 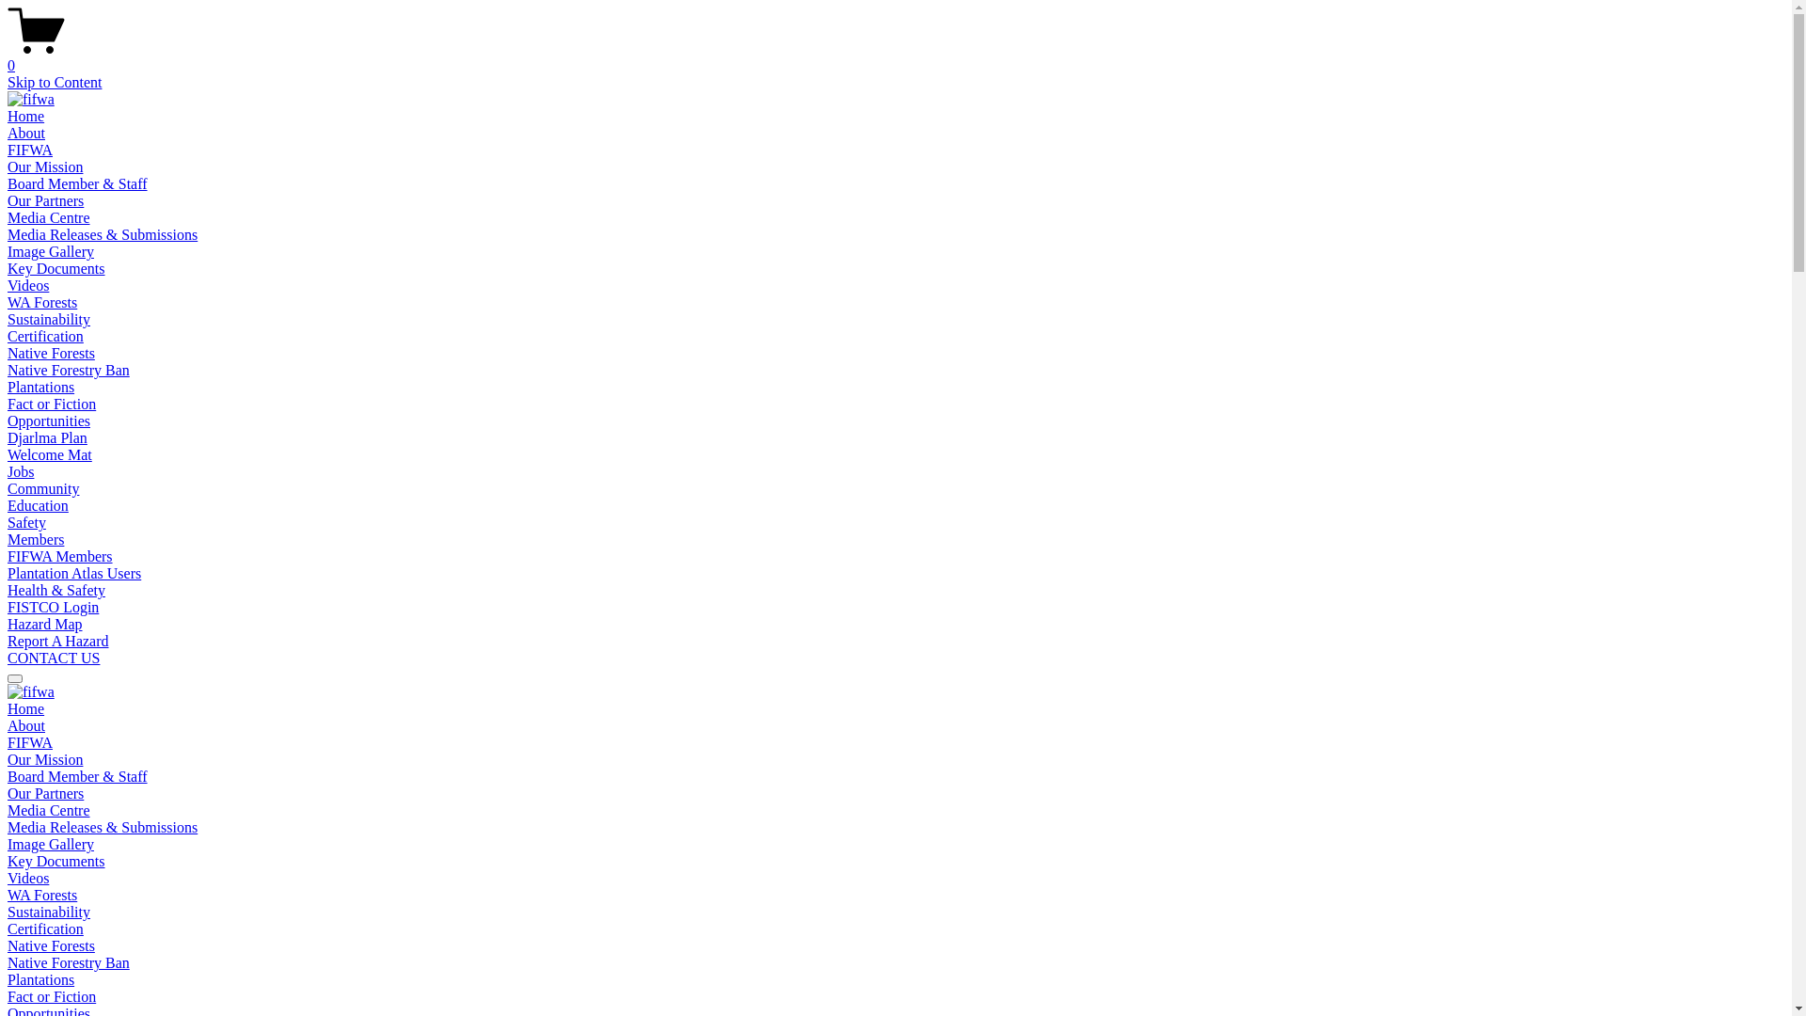 I want to click on 'Community', so click(x=8, y=487).